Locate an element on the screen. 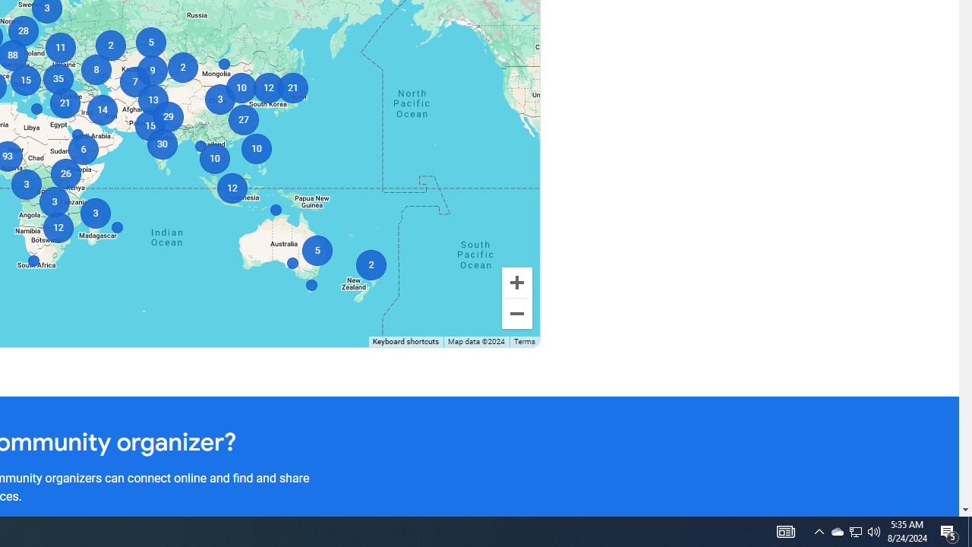  '11' is located at coordinates (60, 46).